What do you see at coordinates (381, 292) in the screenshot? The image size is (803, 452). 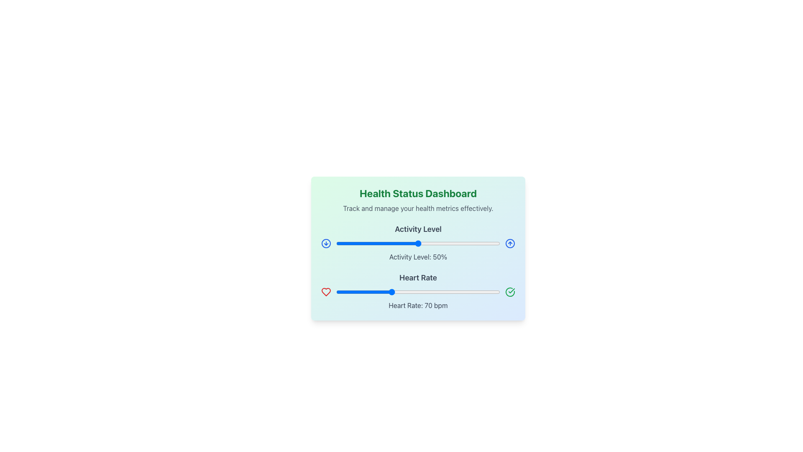 I see `heart rate` at bounding box center [381, 292].